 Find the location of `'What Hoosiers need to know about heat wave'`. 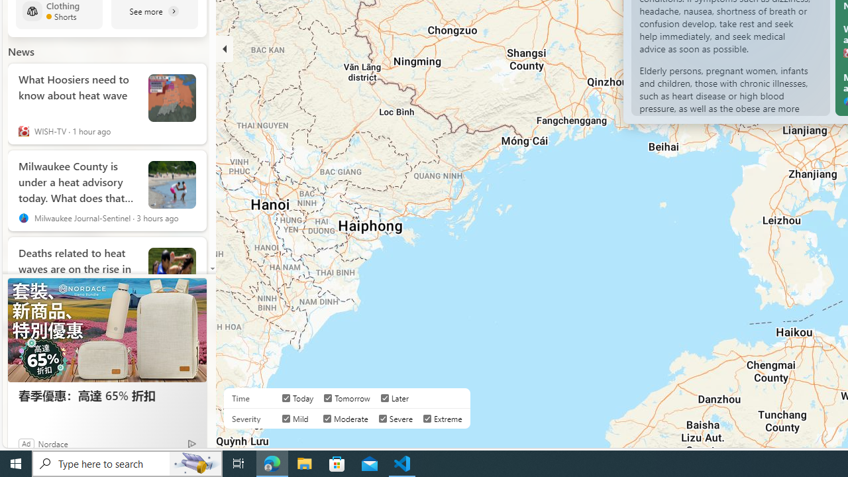

'What Hoosiers need to know about heat wave' is located at coordinates (77, 92).